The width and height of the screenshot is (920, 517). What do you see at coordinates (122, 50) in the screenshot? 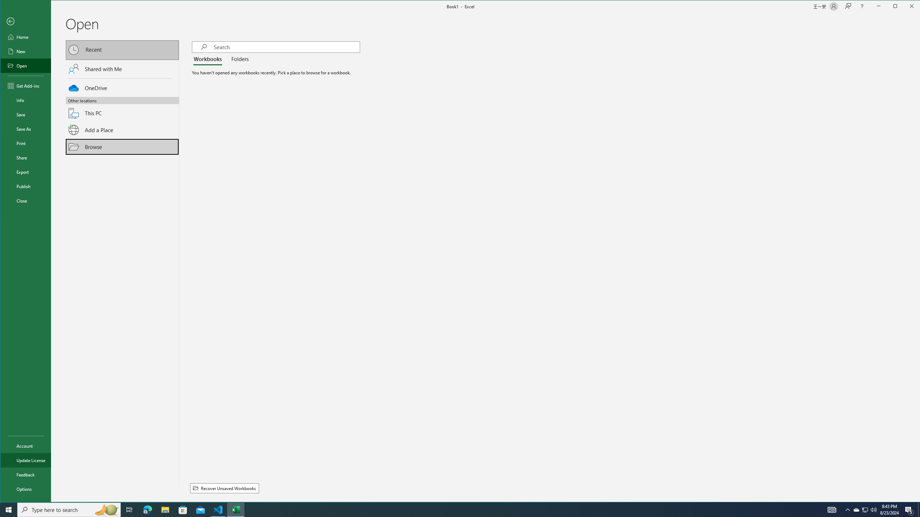
I see `'Recent'` at bounding box center [122, 50].